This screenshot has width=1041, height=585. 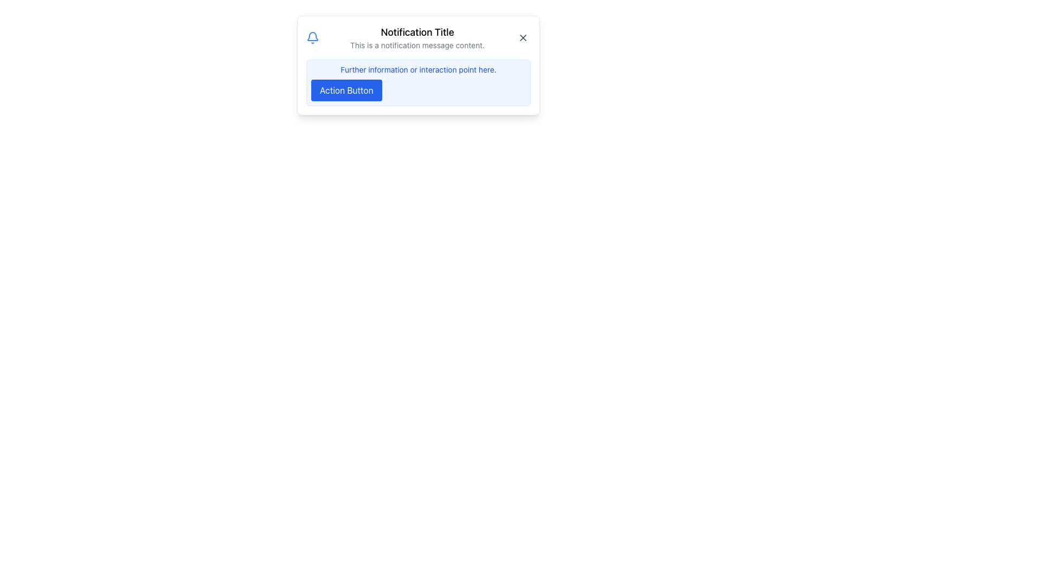 What do you see at coordinates (346, 89) in the screenshot?
I see `the 'Action Button' which is a rectangular button with a blue background and white text, located below the text 'Further information or interaction point here.'` at bounding box center [346, 89].